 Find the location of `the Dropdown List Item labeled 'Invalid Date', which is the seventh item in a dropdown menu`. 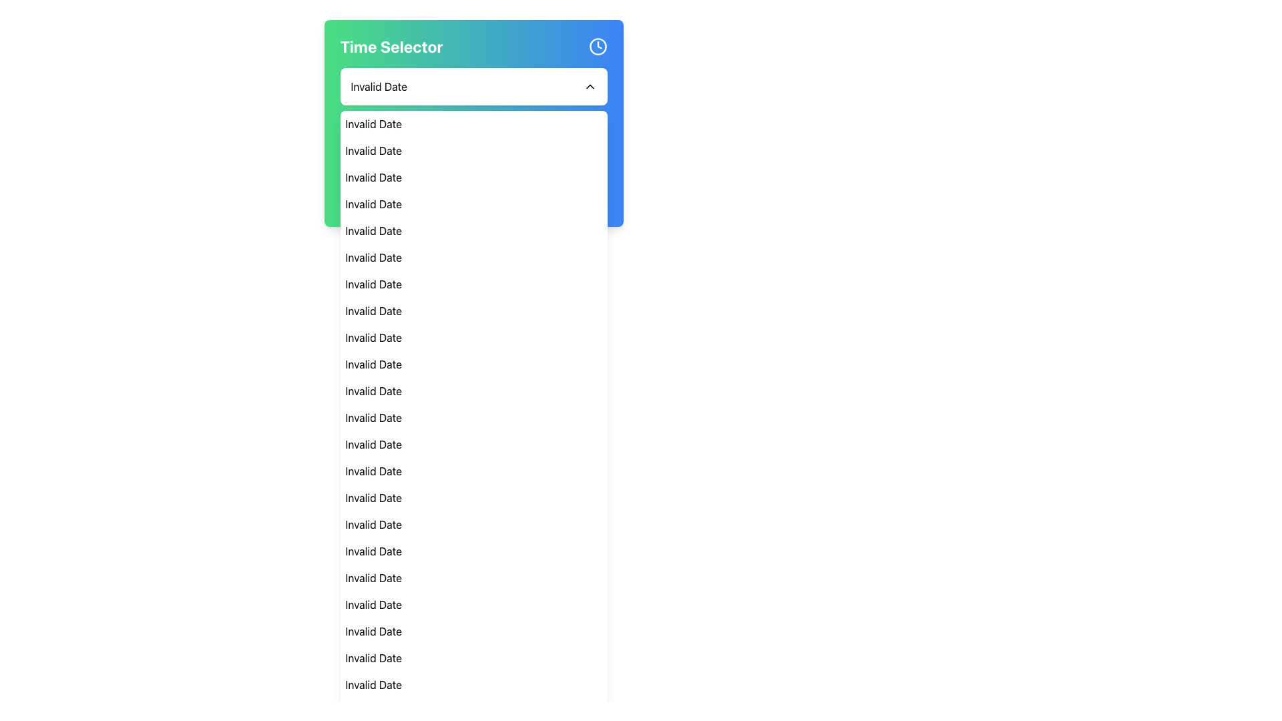

the Dropdown List Item labeled 'Invalid Date', which is the seventh item in a dropdown menu is located at coordinates (473, 283).